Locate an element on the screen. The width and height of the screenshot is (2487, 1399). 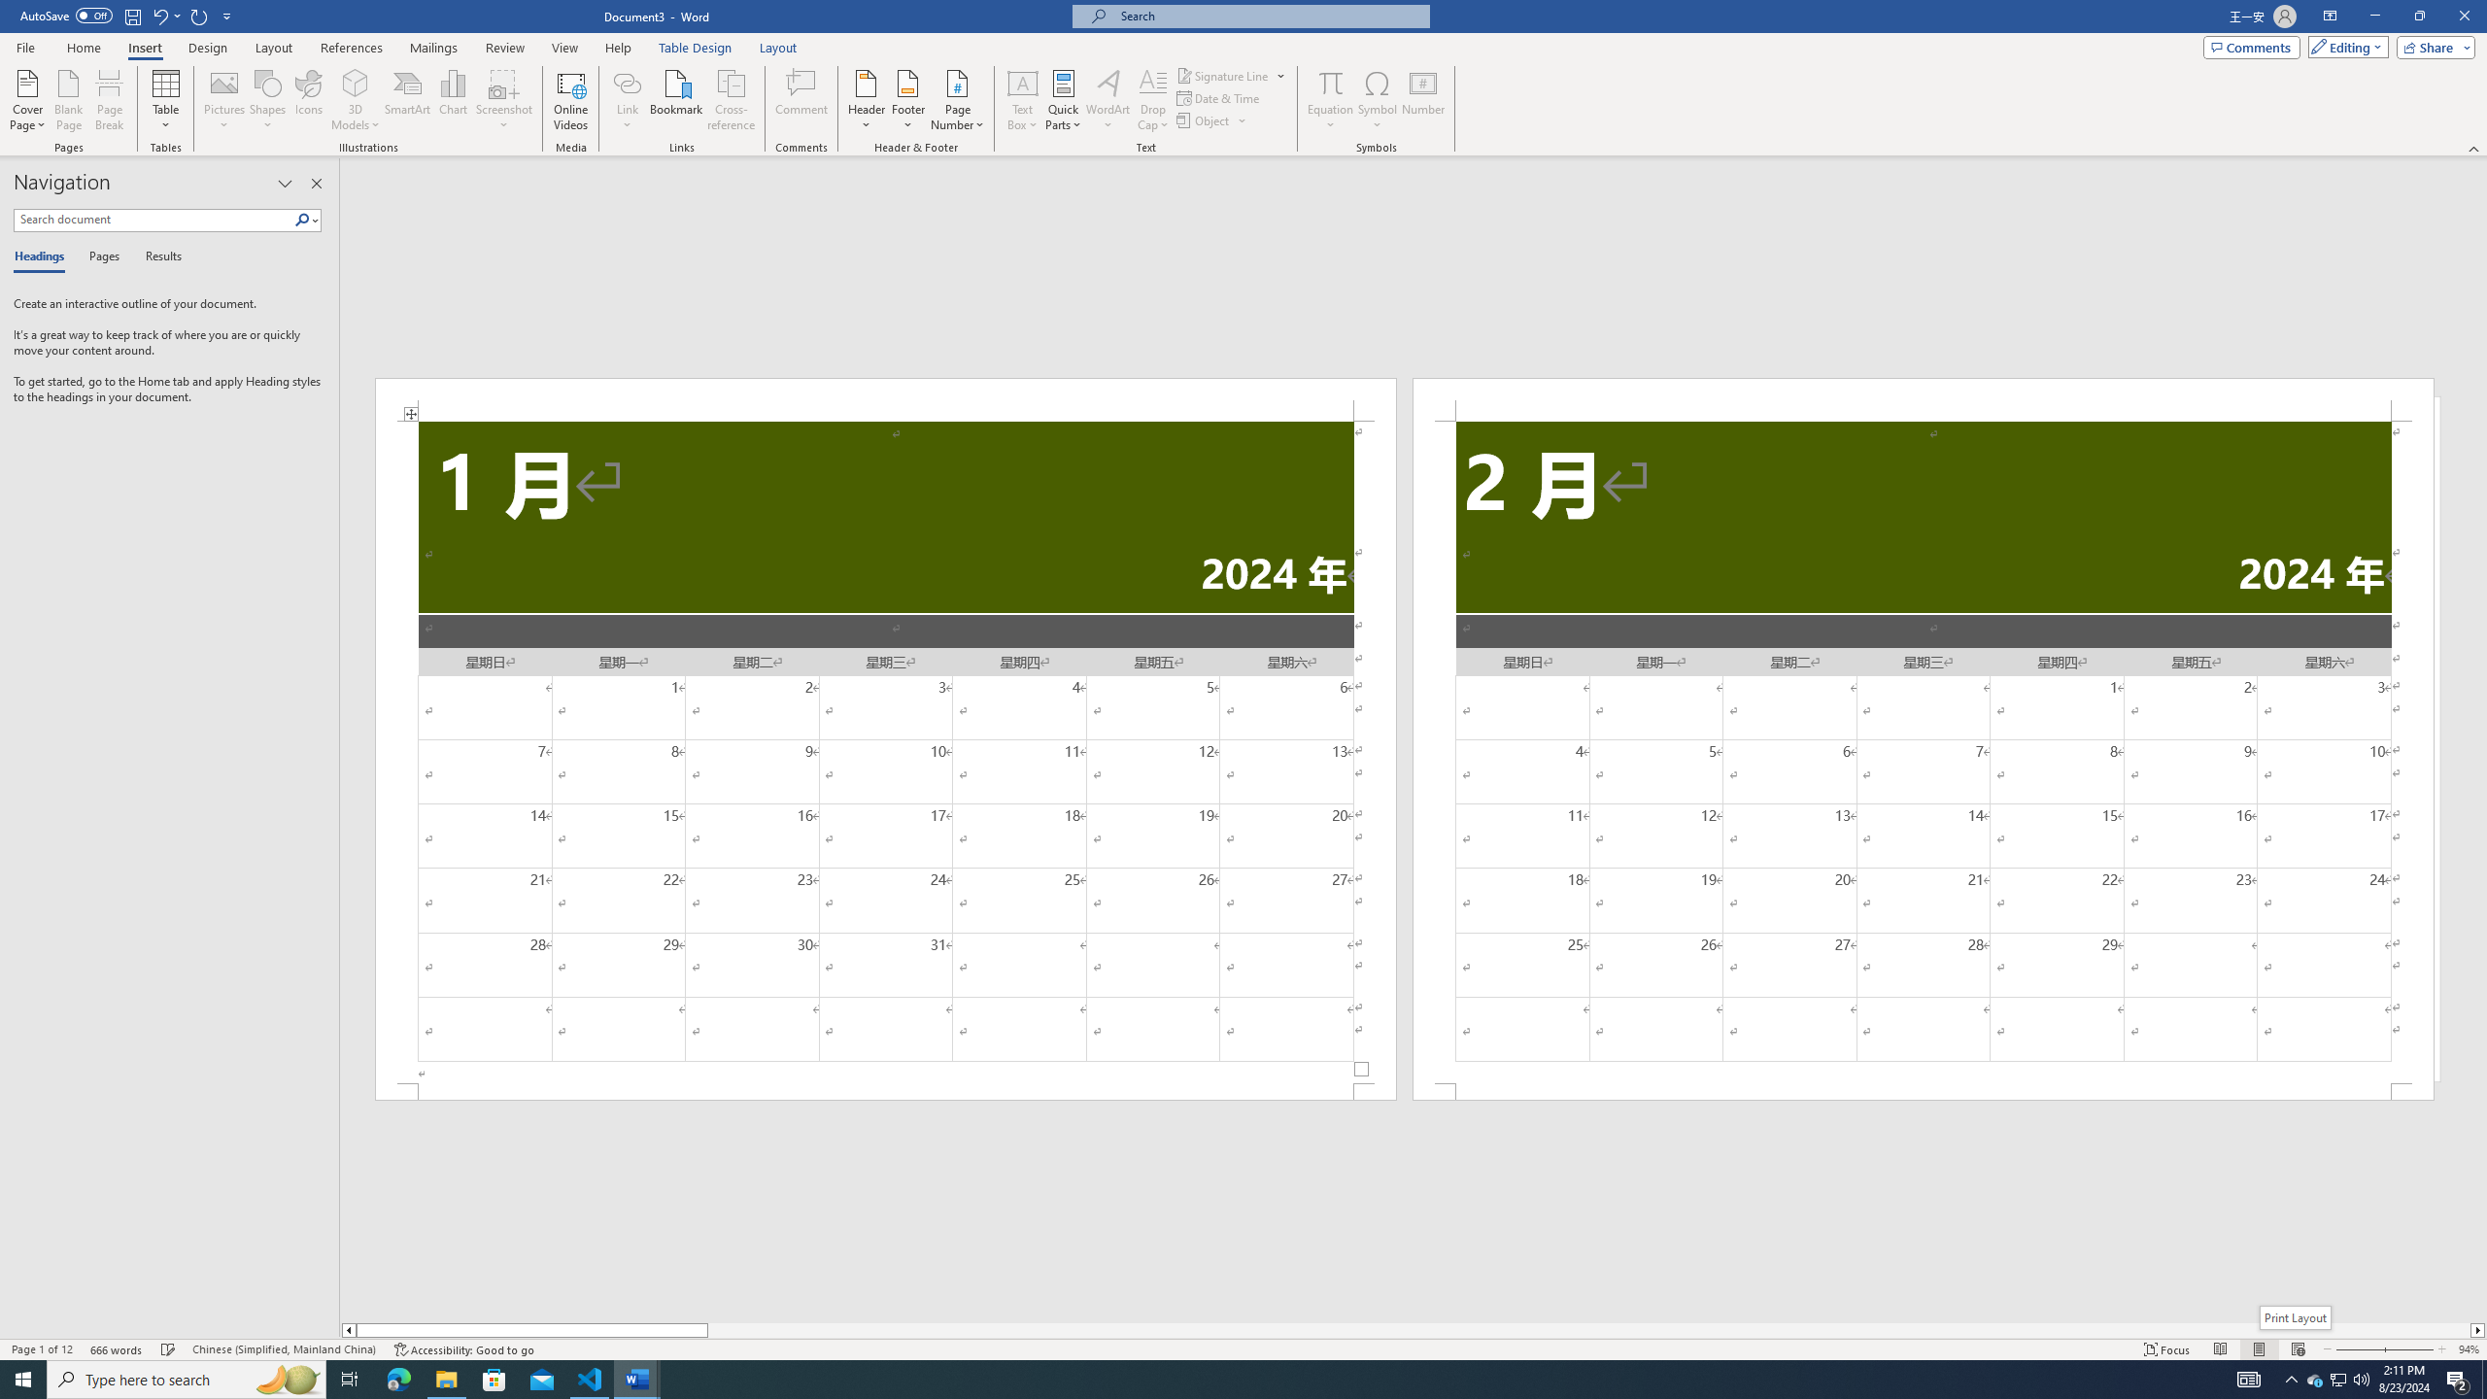
'Results' is located at coordinates (155, 256).